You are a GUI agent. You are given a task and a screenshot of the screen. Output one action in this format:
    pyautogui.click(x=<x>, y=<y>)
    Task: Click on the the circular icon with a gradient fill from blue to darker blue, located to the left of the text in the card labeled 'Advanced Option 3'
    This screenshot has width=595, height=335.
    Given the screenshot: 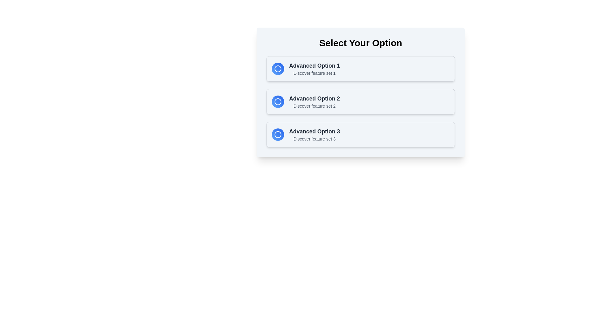 What is the action you would take?
    pyautogui.click(x=278, y=134)
    